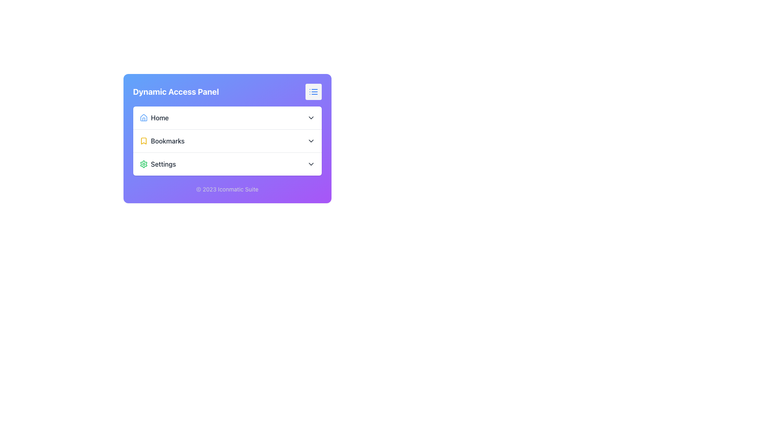 Image resolution: width=780 pixels, height=439 pixels. Describe the element at coordinates (310, 117) in the screenshot. I see `the downward-facing chevron icon located at the far-right of the 'Home' menu item` at that location.